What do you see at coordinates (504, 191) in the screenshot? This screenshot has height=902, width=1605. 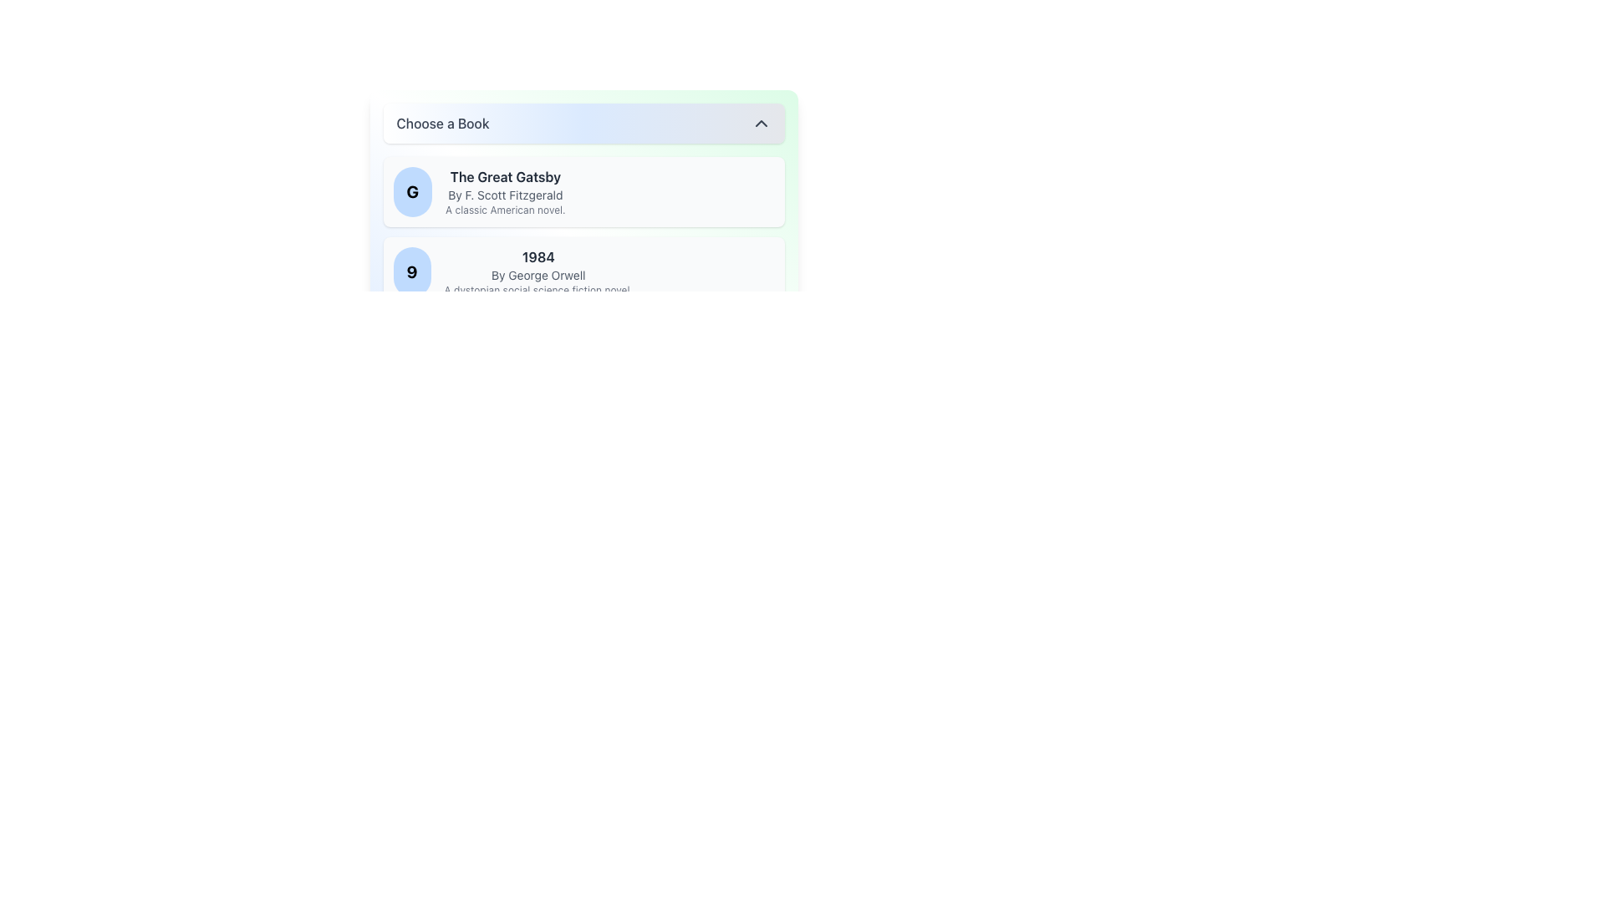 I see `the text block summarizing a book, which includes its title, author, and description, located to the right of the icon labeled 'G' and under the 'Choose a Book' label` at bounding box center [504, 191].